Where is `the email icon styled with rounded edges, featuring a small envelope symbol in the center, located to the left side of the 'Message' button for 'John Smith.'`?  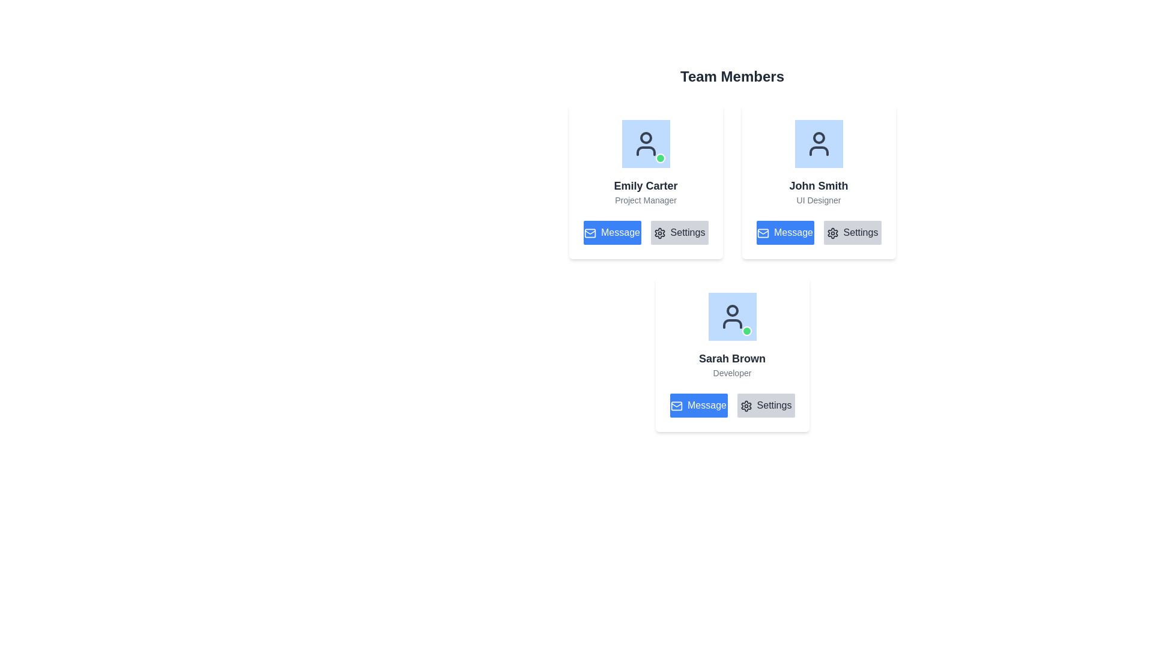 the email icon styled with rounded edges, featuring a small envelope symbol in the center, located to the left side of the 'Message' button for 'John Smith.' is located at coordinates (763, 233).